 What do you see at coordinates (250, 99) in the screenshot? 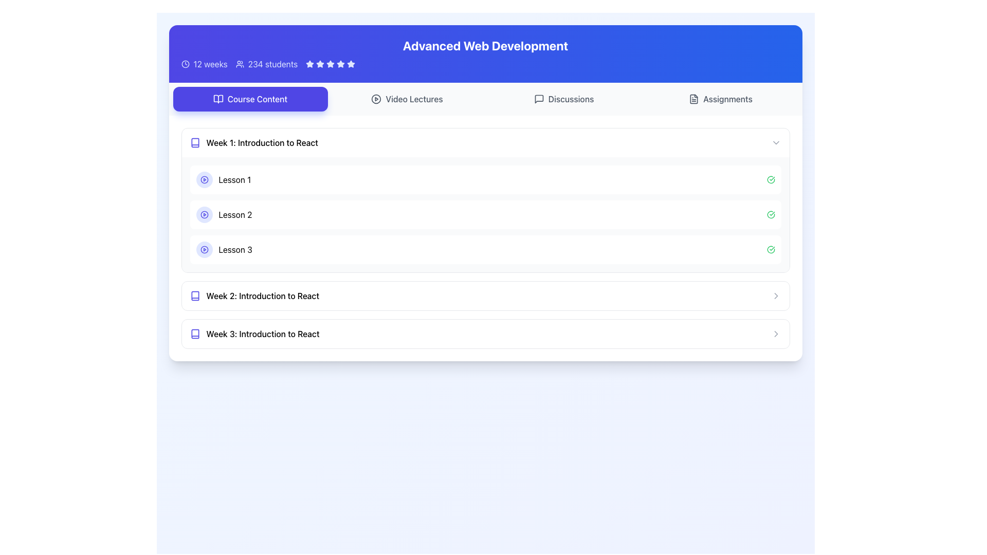
I see `the 'Course Content' button, which has an open book icon and is located on the leftmost end of the horizontal menu bar` at bounding box center [250, 99].